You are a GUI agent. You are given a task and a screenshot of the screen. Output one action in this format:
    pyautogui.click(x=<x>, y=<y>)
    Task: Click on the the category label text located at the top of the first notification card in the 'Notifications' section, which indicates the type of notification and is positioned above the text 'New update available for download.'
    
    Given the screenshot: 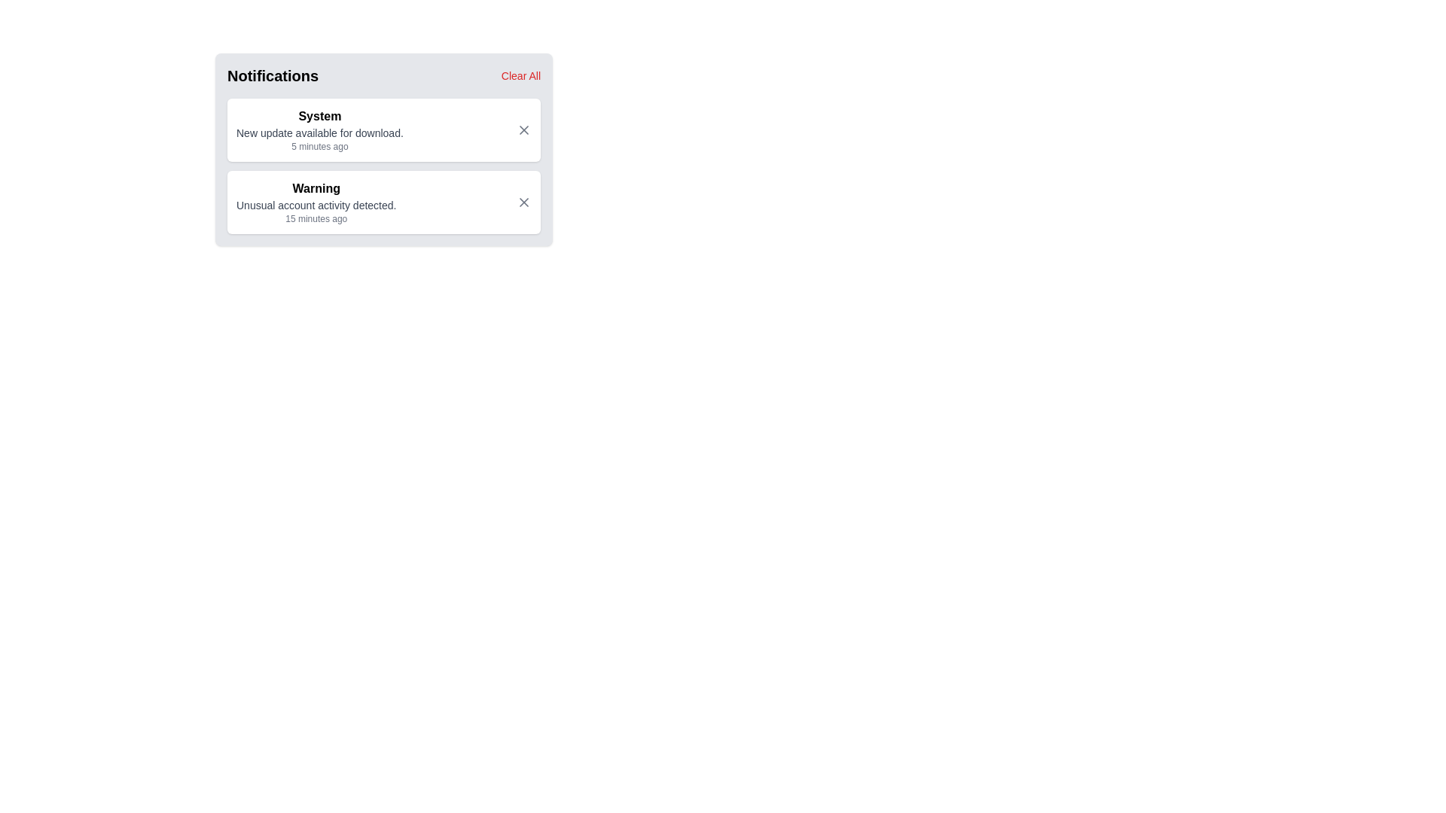 What is the action you would take?
    pyautogui.click(x=319, y=115)
    